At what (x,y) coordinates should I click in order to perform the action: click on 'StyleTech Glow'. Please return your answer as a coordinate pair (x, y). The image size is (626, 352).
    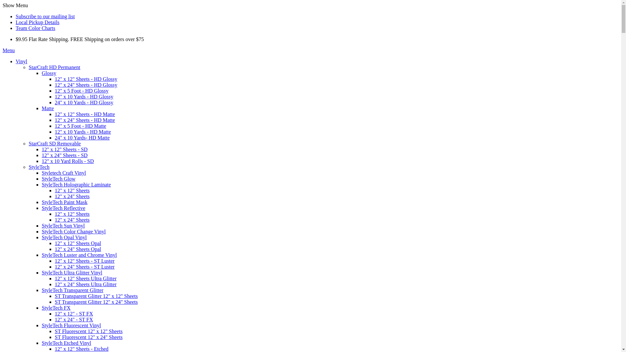
    Looking at the image, I should click on (58, 179).